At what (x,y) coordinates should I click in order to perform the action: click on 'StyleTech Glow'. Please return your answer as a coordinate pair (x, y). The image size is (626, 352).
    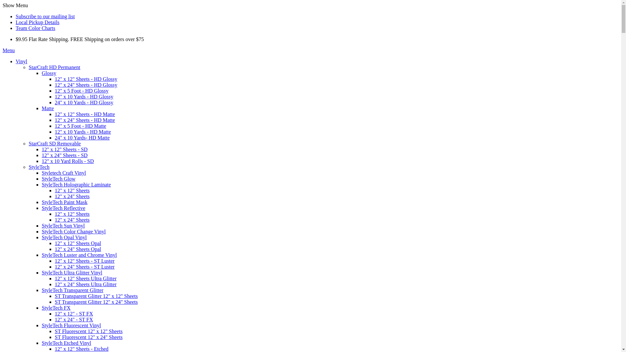
    Looking at the image, I should click on (58, 179).